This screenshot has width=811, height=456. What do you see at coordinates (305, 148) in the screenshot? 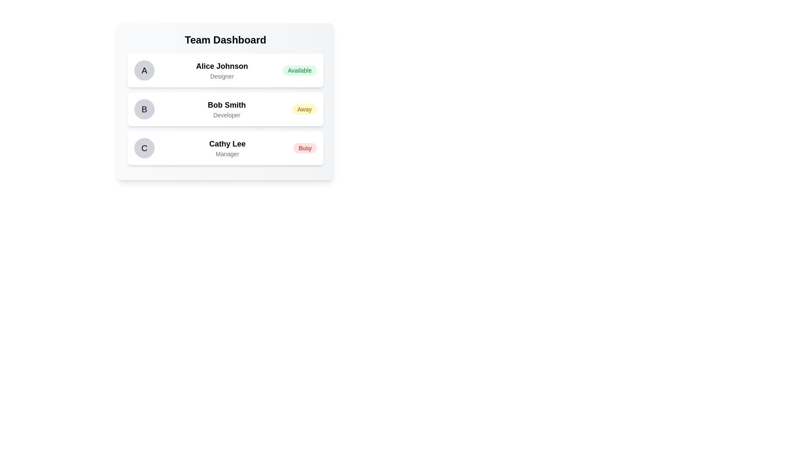
I see `the 'Busy' text label, which is styled with small, medium-weight red text on a red background and is positioned at the far right of the row for 'Cathy Lee, Manager'` at bounding box center [305, 148].